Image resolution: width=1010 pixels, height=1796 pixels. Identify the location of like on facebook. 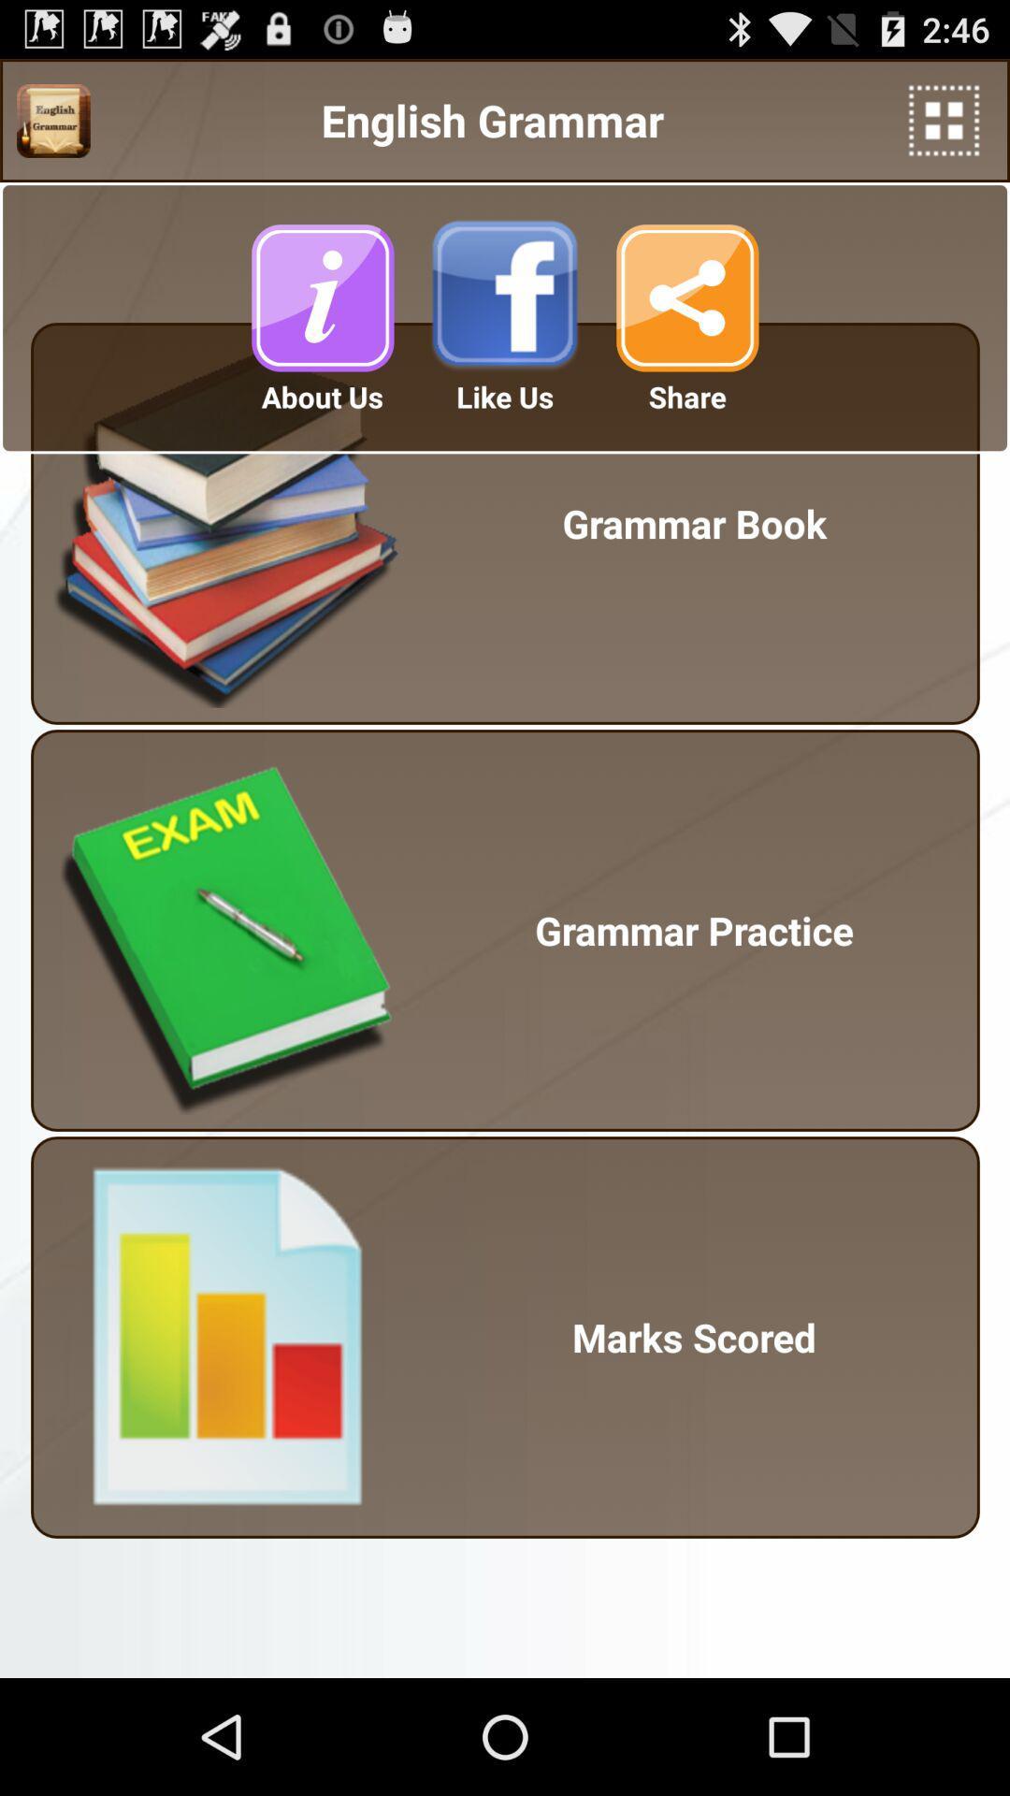
(505, 297).